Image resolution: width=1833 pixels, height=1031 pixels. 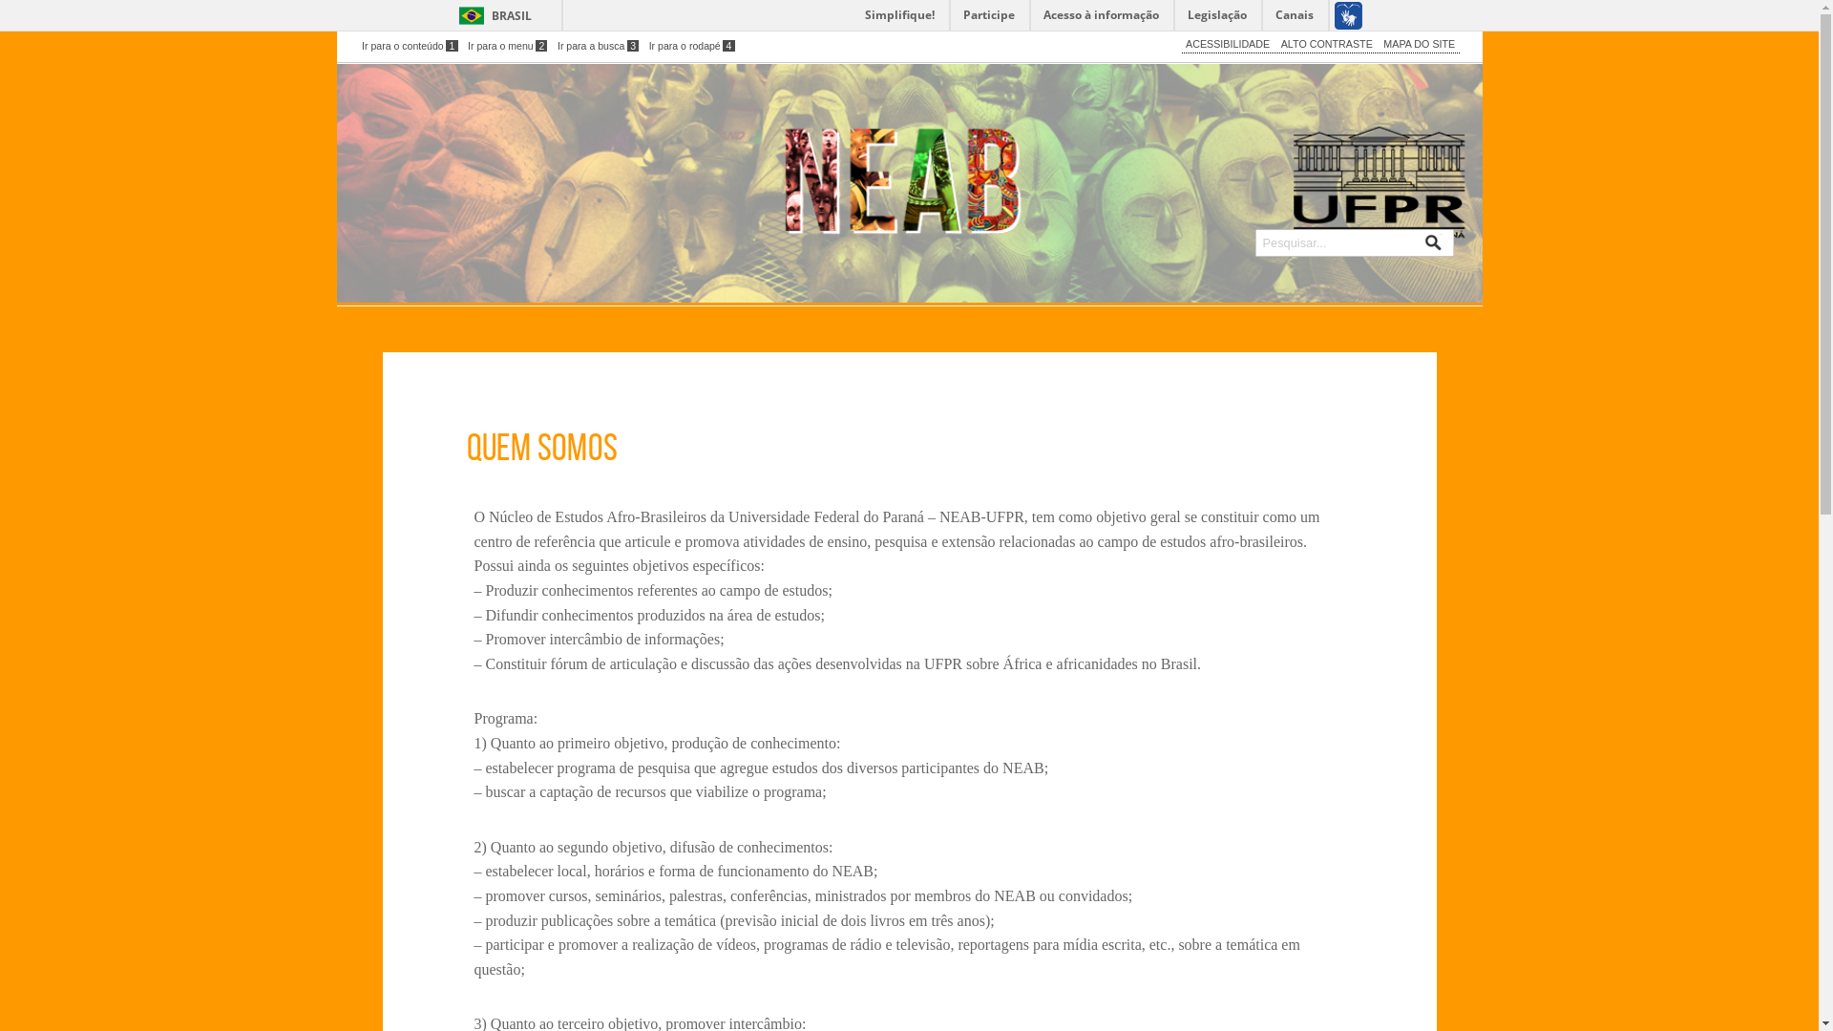 I want to click on 'MAPA DO SITE', so click(x=1419, y=43).